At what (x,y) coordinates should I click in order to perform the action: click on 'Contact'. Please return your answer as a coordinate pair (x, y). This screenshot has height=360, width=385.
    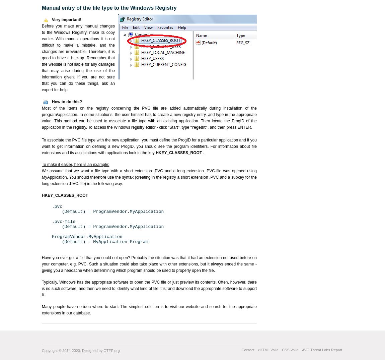
    Looking at the image, I should click on (247, 350).